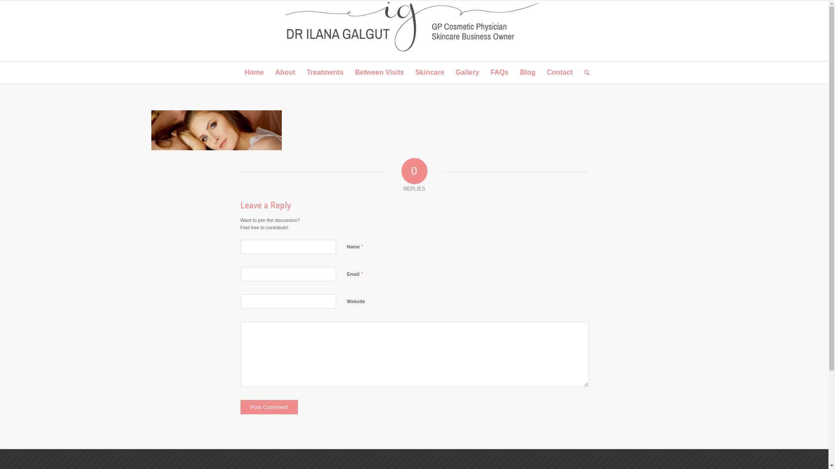 Image resolution: width=835 pixels, height=469 pixels. What do you see at coordinates (499, 72) in the screenshot?
I see `'FAQs'` at bounding box center [499, 72].